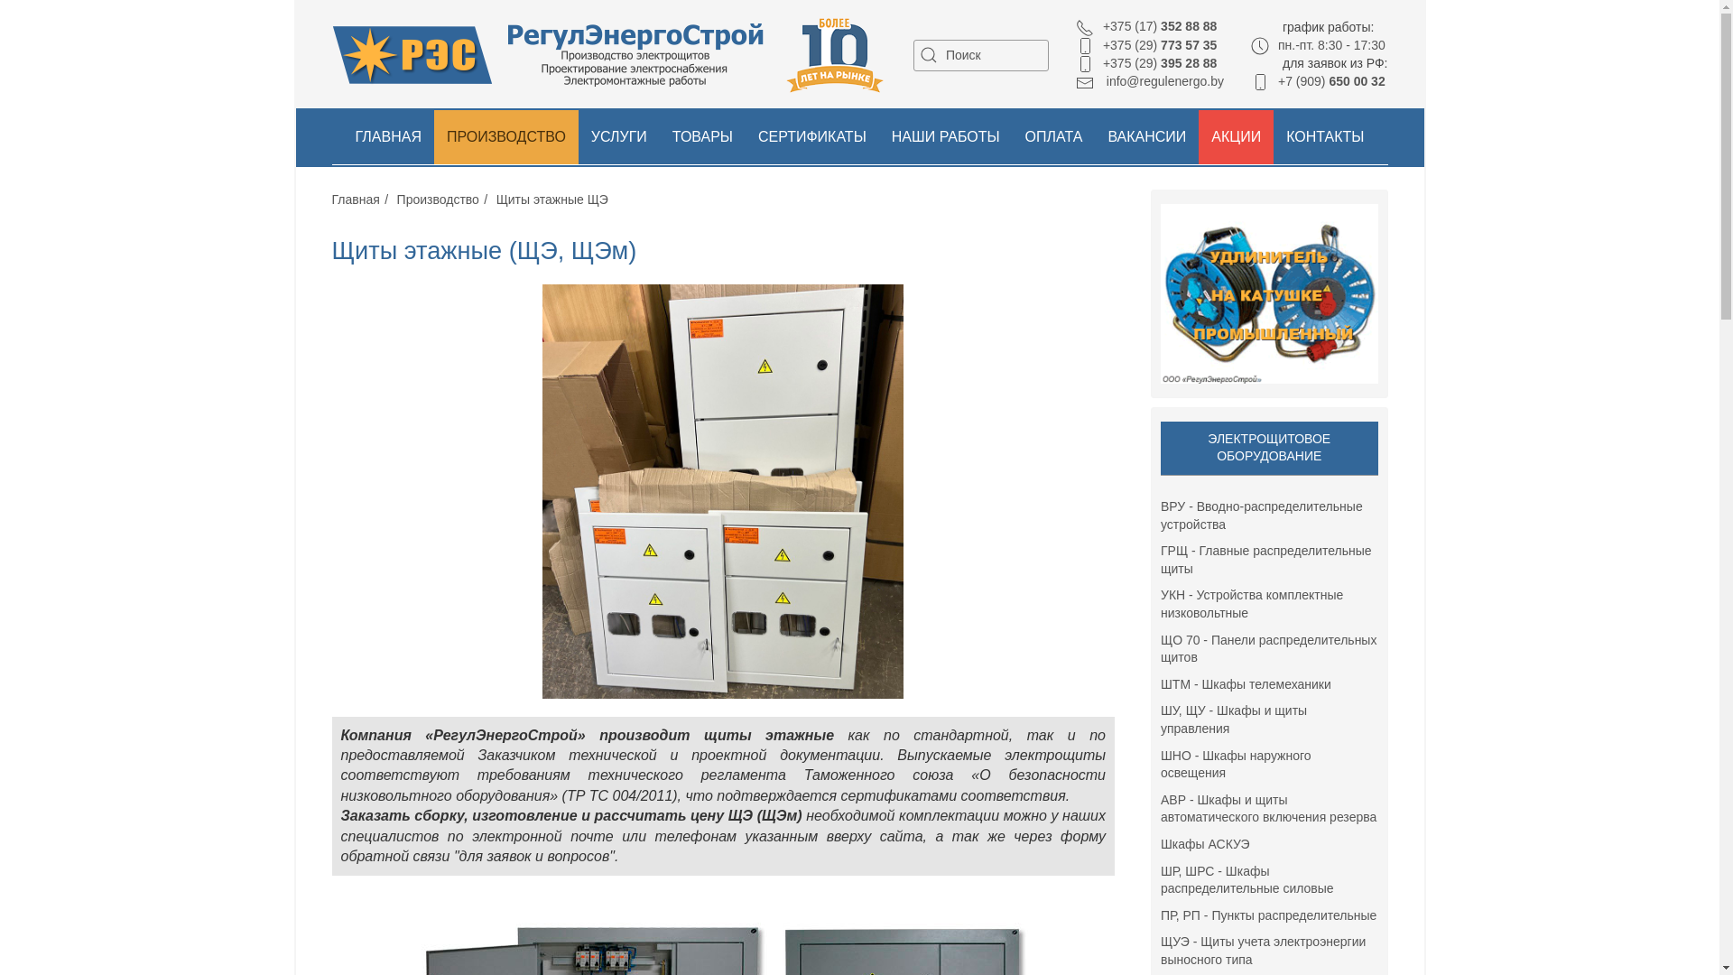  I want to click on '+375 (29) 773 57 35', so click(1145, 44).